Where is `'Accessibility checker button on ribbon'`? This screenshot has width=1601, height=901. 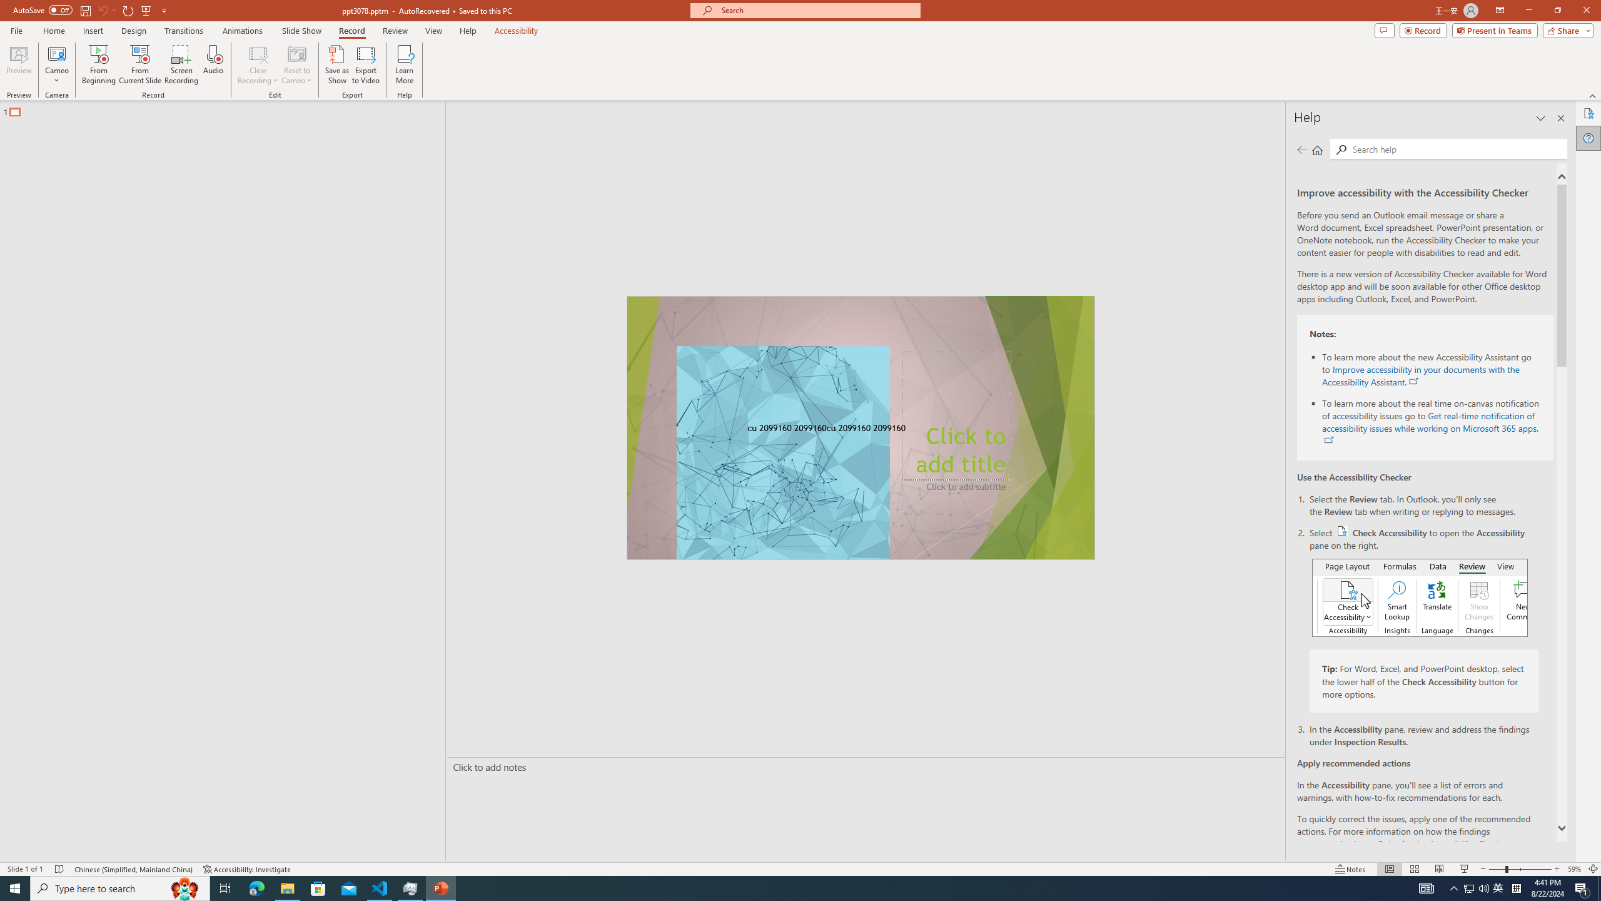 'Accessibility checker button on ribbon' is located at coordinates (1420, 597).